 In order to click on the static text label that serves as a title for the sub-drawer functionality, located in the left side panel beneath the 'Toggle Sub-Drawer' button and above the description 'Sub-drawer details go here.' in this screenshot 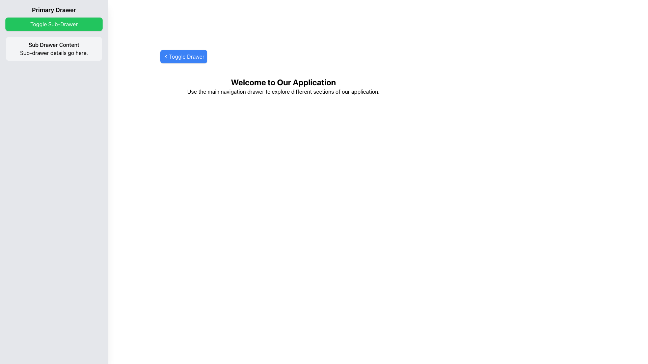, I will do `click(53, 44)`.